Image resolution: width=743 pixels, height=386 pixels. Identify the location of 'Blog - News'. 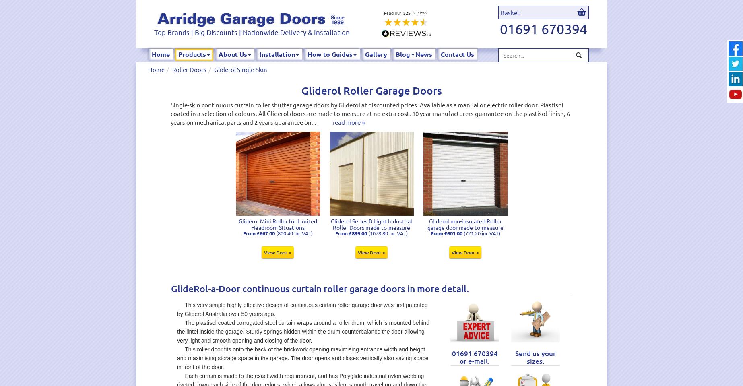
(395, 54).